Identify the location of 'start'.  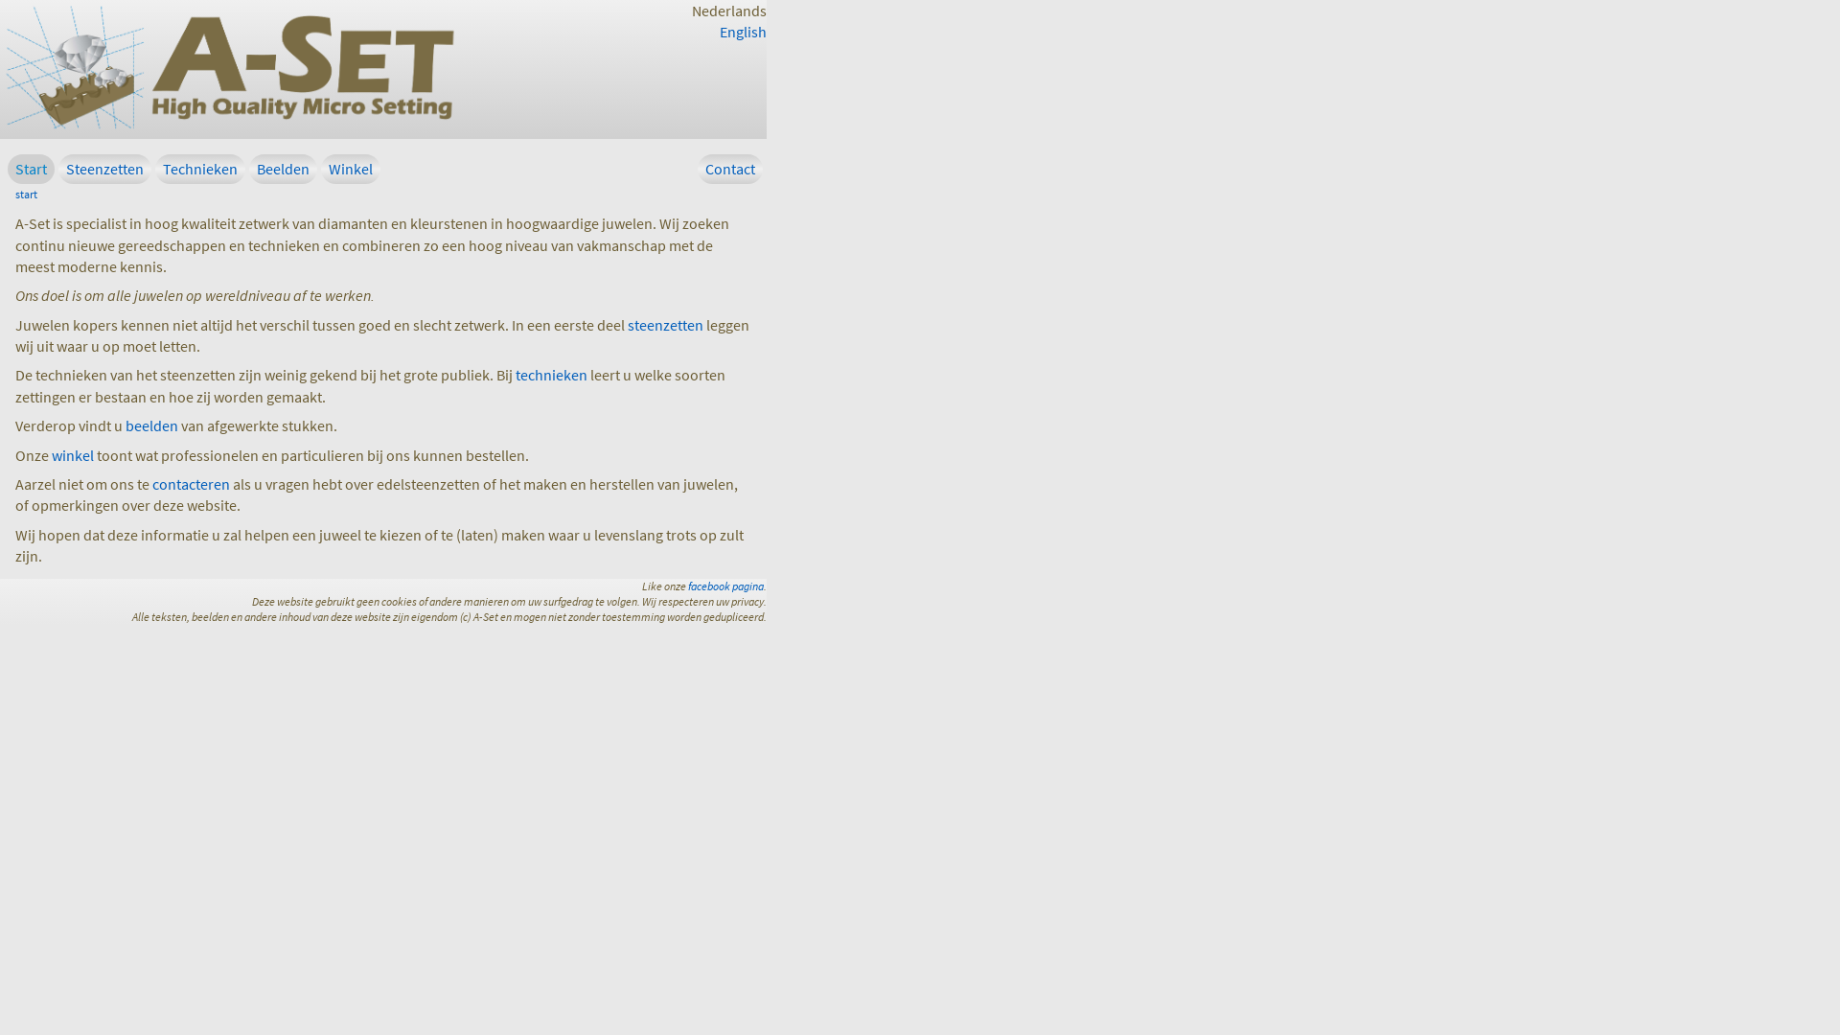
(14, 194).